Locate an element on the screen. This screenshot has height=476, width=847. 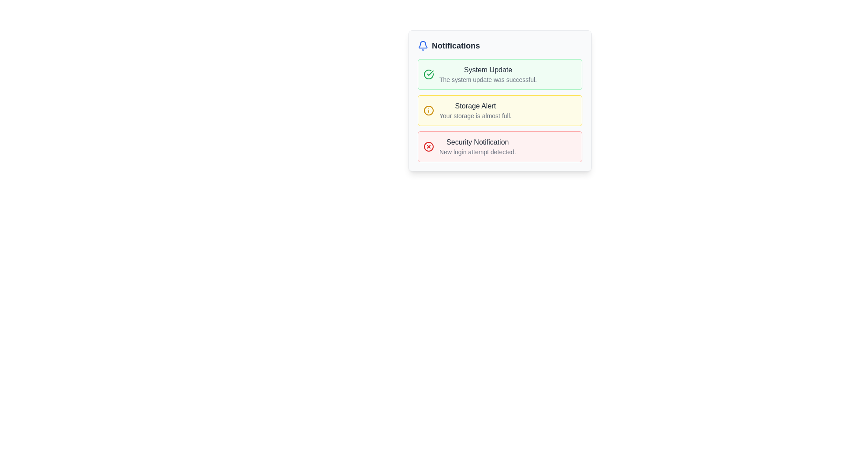
the title of the third notification card that alerts the user about a security-related issue, located in the lower portion of the notification panel is located at coordinates (477, 142).